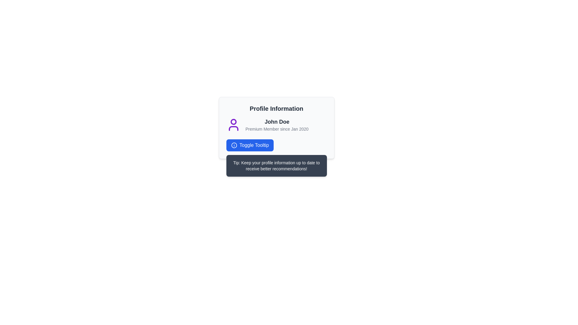  I want to click on the 'Profile Information' heading text element, which is styled in bold and dark gray, located at the top-center of the card, so click(276, 109).